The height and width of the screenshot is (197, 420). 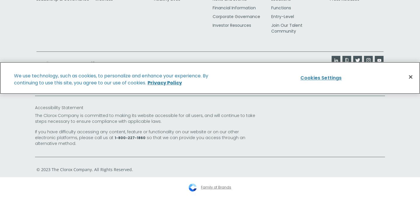 I want to click on 'Privacy Policy', so click(x=97, y=83).